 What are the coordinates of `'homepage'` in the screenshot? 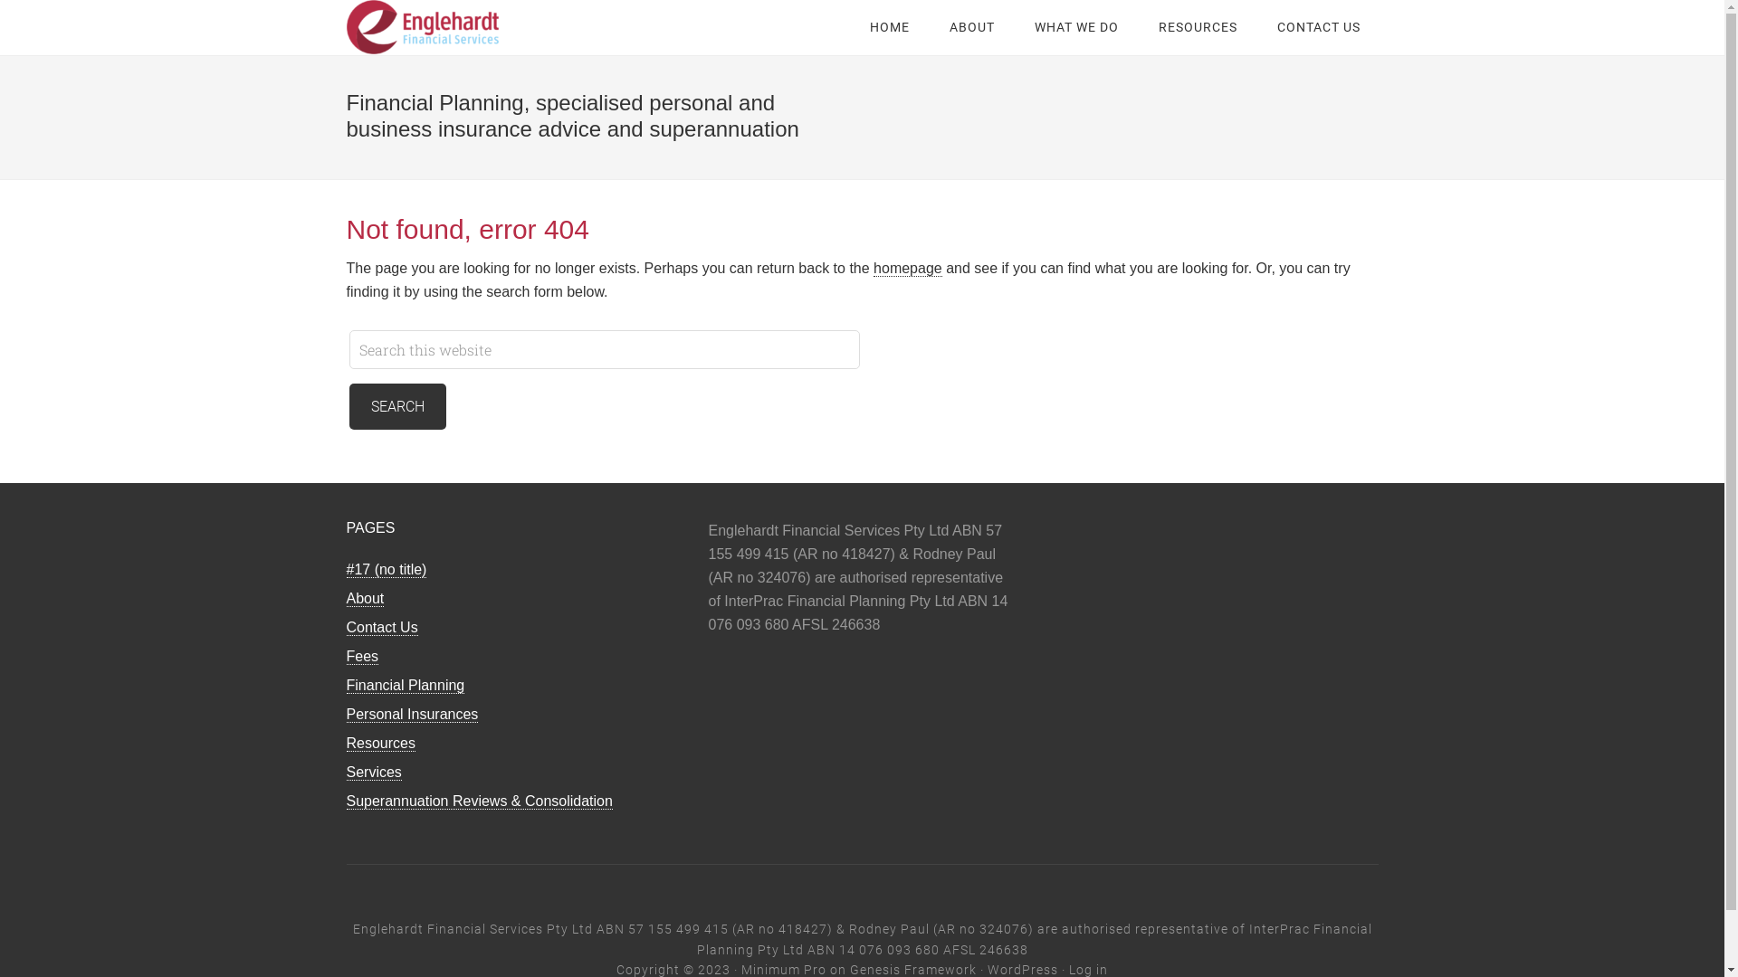 It's located at (873, 269).